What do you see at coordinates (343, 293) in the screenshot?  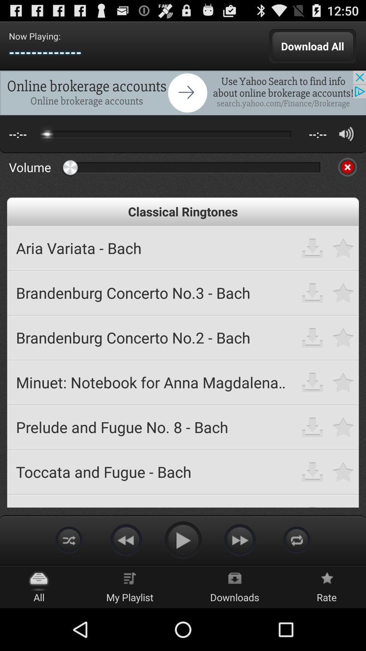 I see `ringtone` at bounding box center [343, 293].